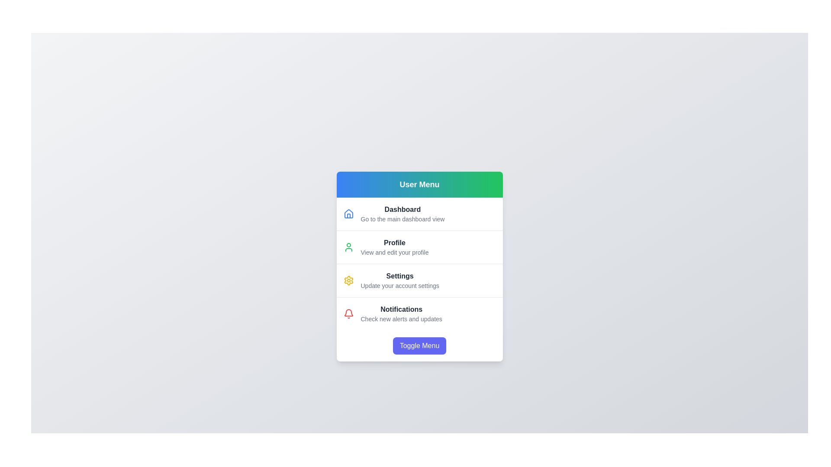 The image size is (831, 467). Describe the element at coordinates (419, 313) in the screenshot. I see `the 'Notifications' menu item to check alerts and updates` at that location.